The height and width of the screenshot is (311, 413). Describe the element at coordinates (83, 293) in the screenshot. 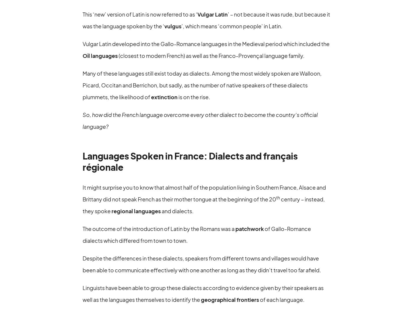

I see `'Linguists have been able to group these dialects according to evidence given by their speakers as well as the languages themselves to identify the'` at that location.